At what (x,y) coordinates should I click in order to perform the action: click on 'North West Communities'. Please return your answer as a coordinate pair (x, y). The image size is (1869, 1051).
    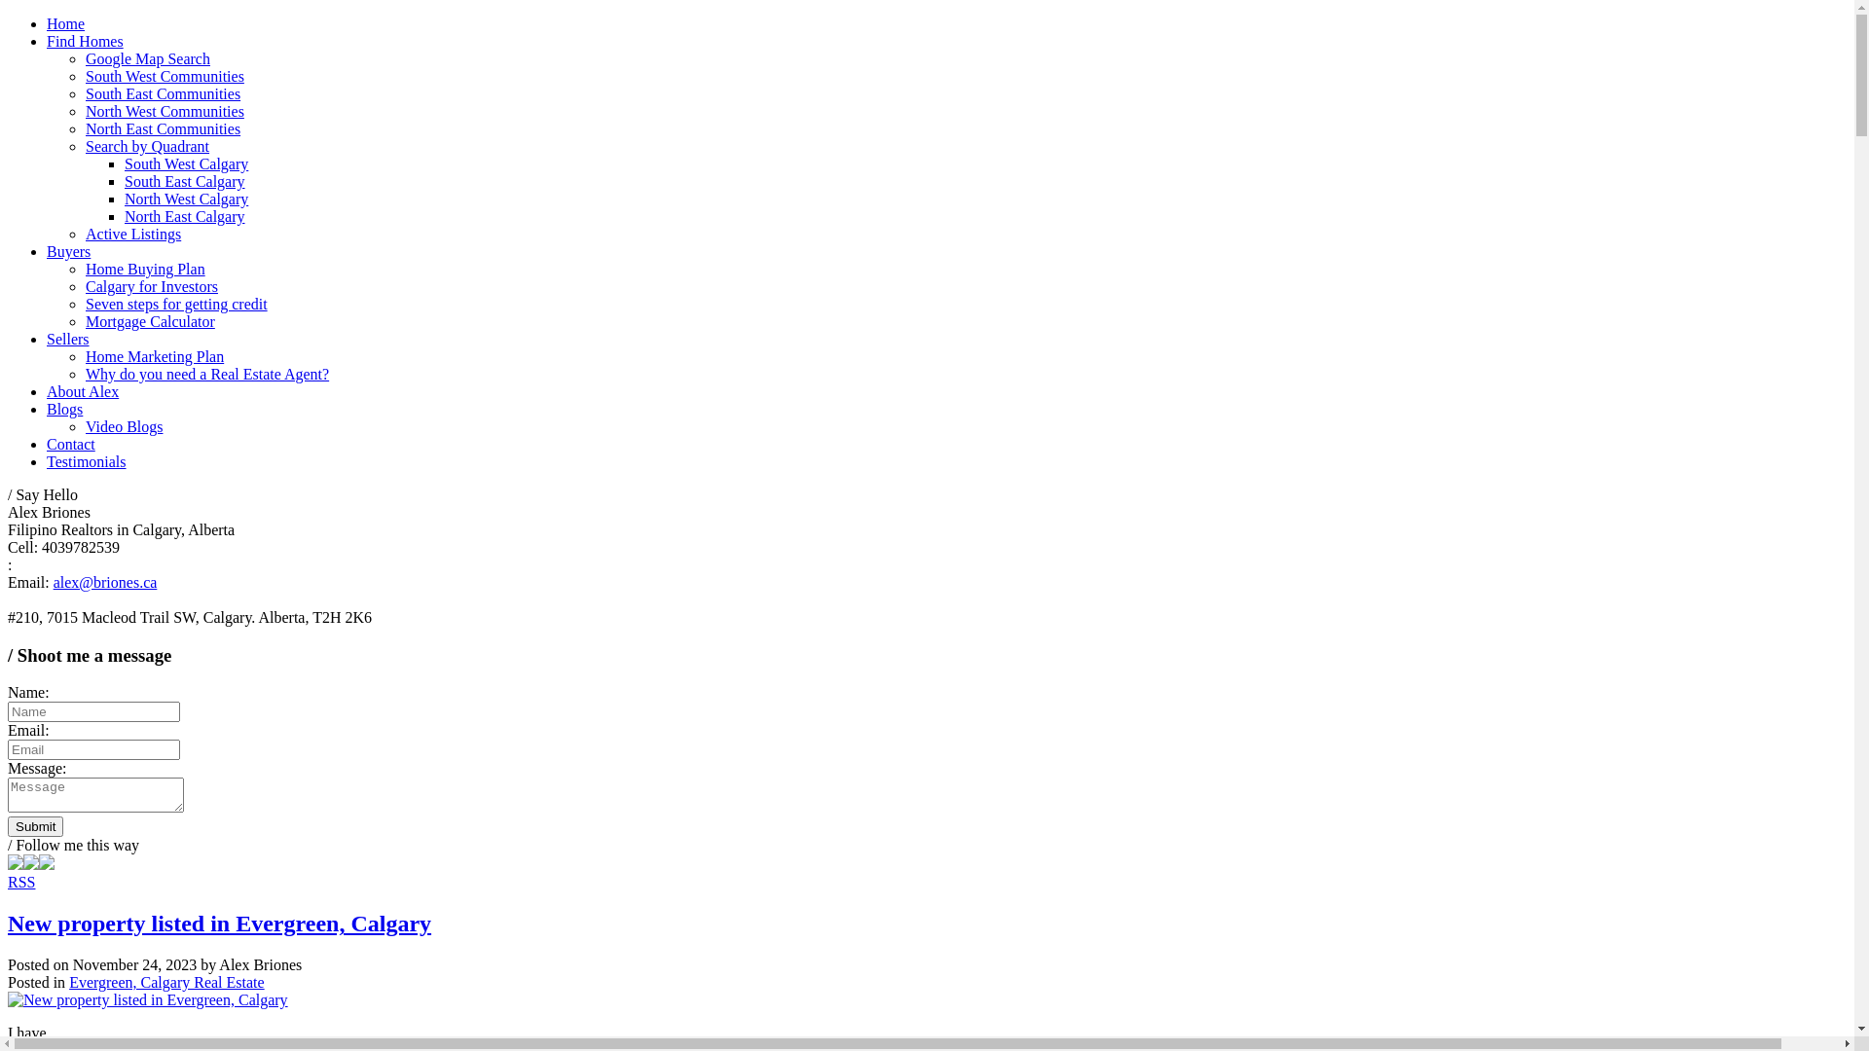
    Looking at the image, I should click on (165, 111).